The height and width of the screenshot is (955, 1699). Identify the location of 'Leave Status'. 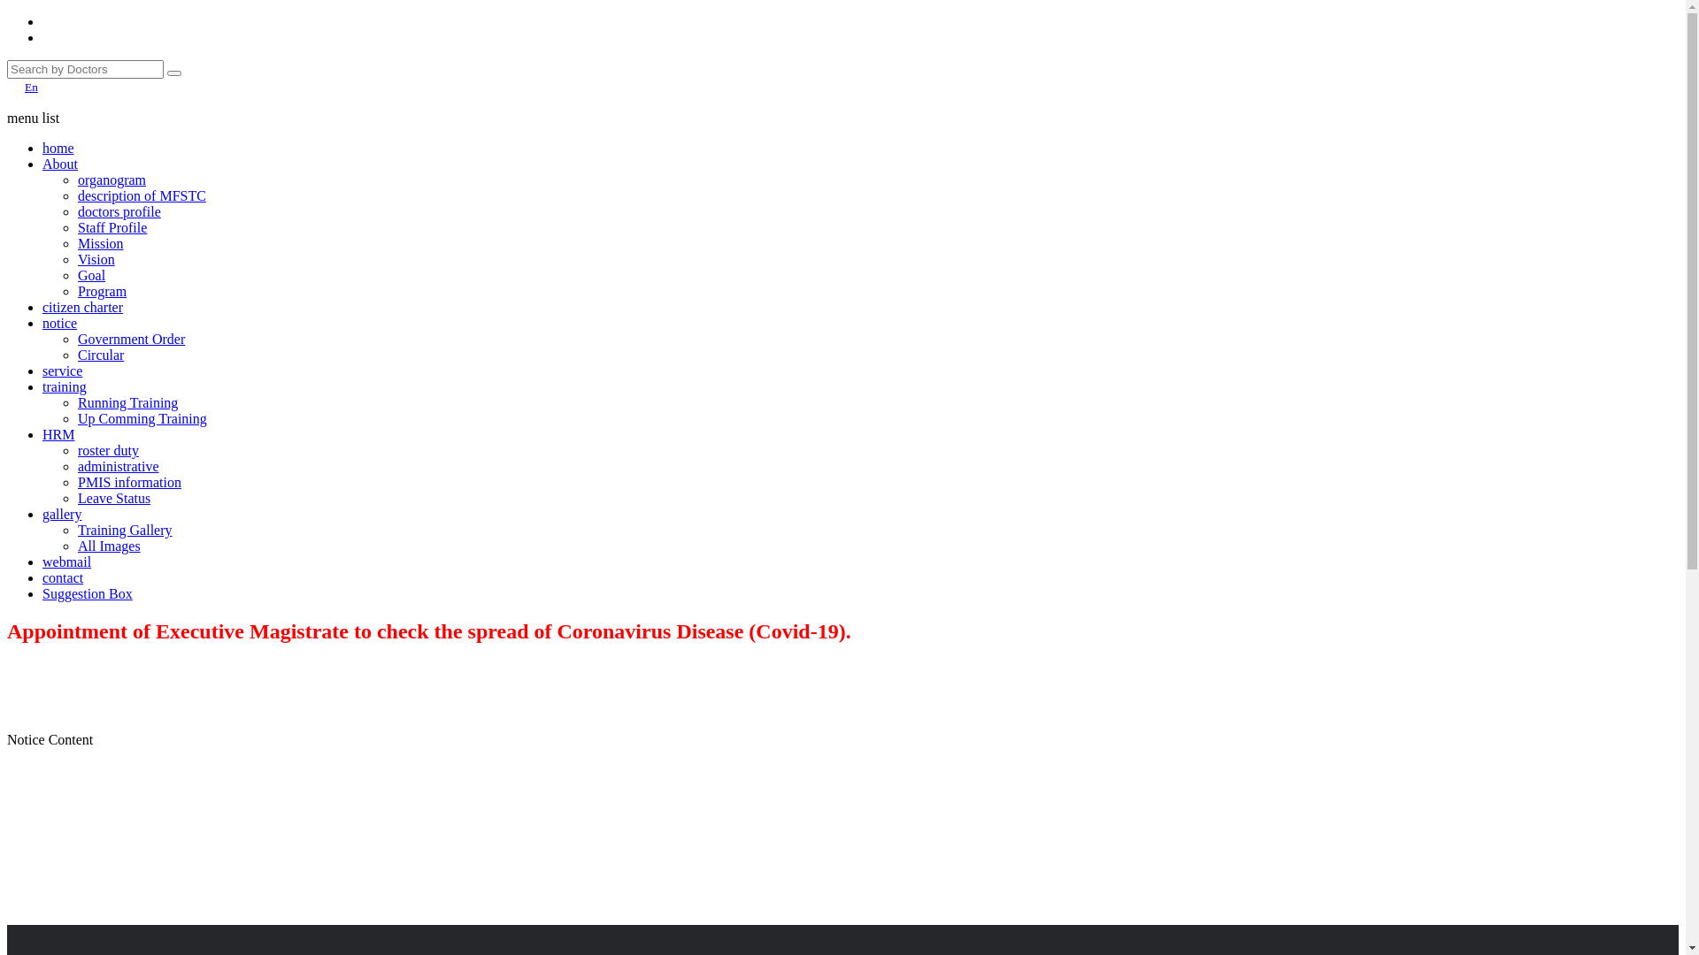
(113, 498).